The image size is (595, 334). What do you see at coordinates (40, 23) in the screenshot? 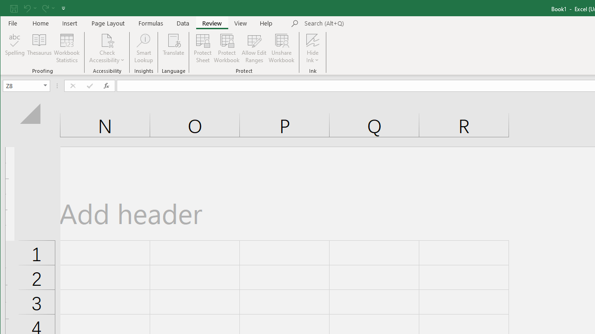
I see `'Home'` at bounding box center [40, 23].